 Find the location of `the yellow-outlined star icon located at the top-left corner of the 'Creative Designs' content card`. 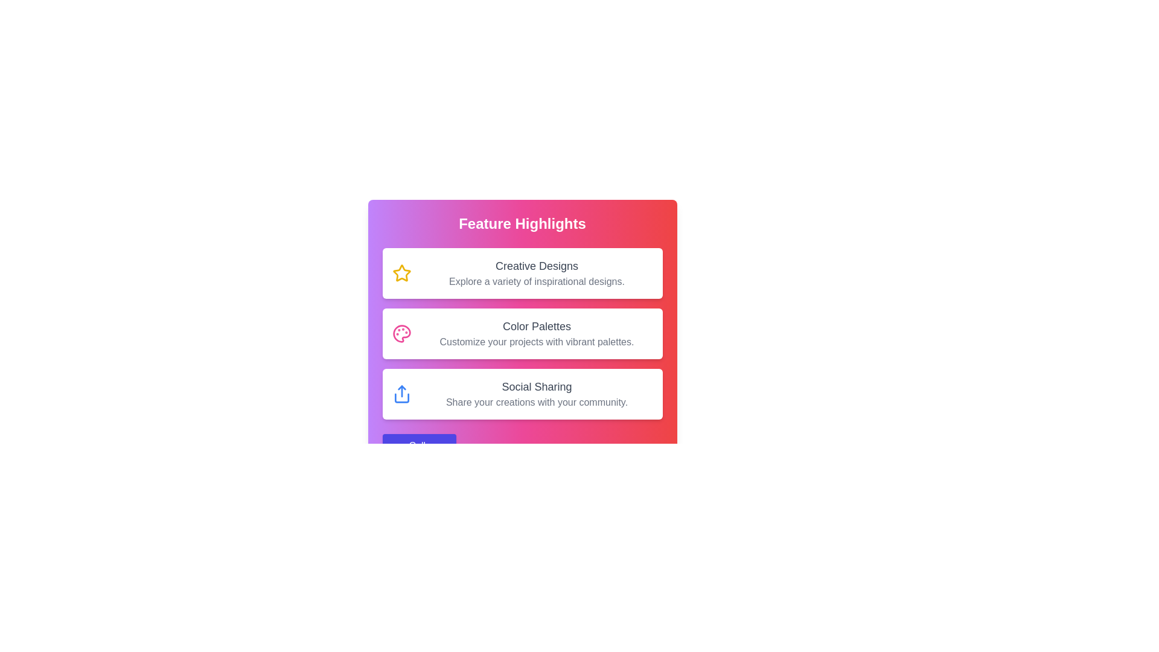

the yellow-outlined star icon located at the top-left corner of the 'Creative Designs' content card is located at coordinates (401, 273).